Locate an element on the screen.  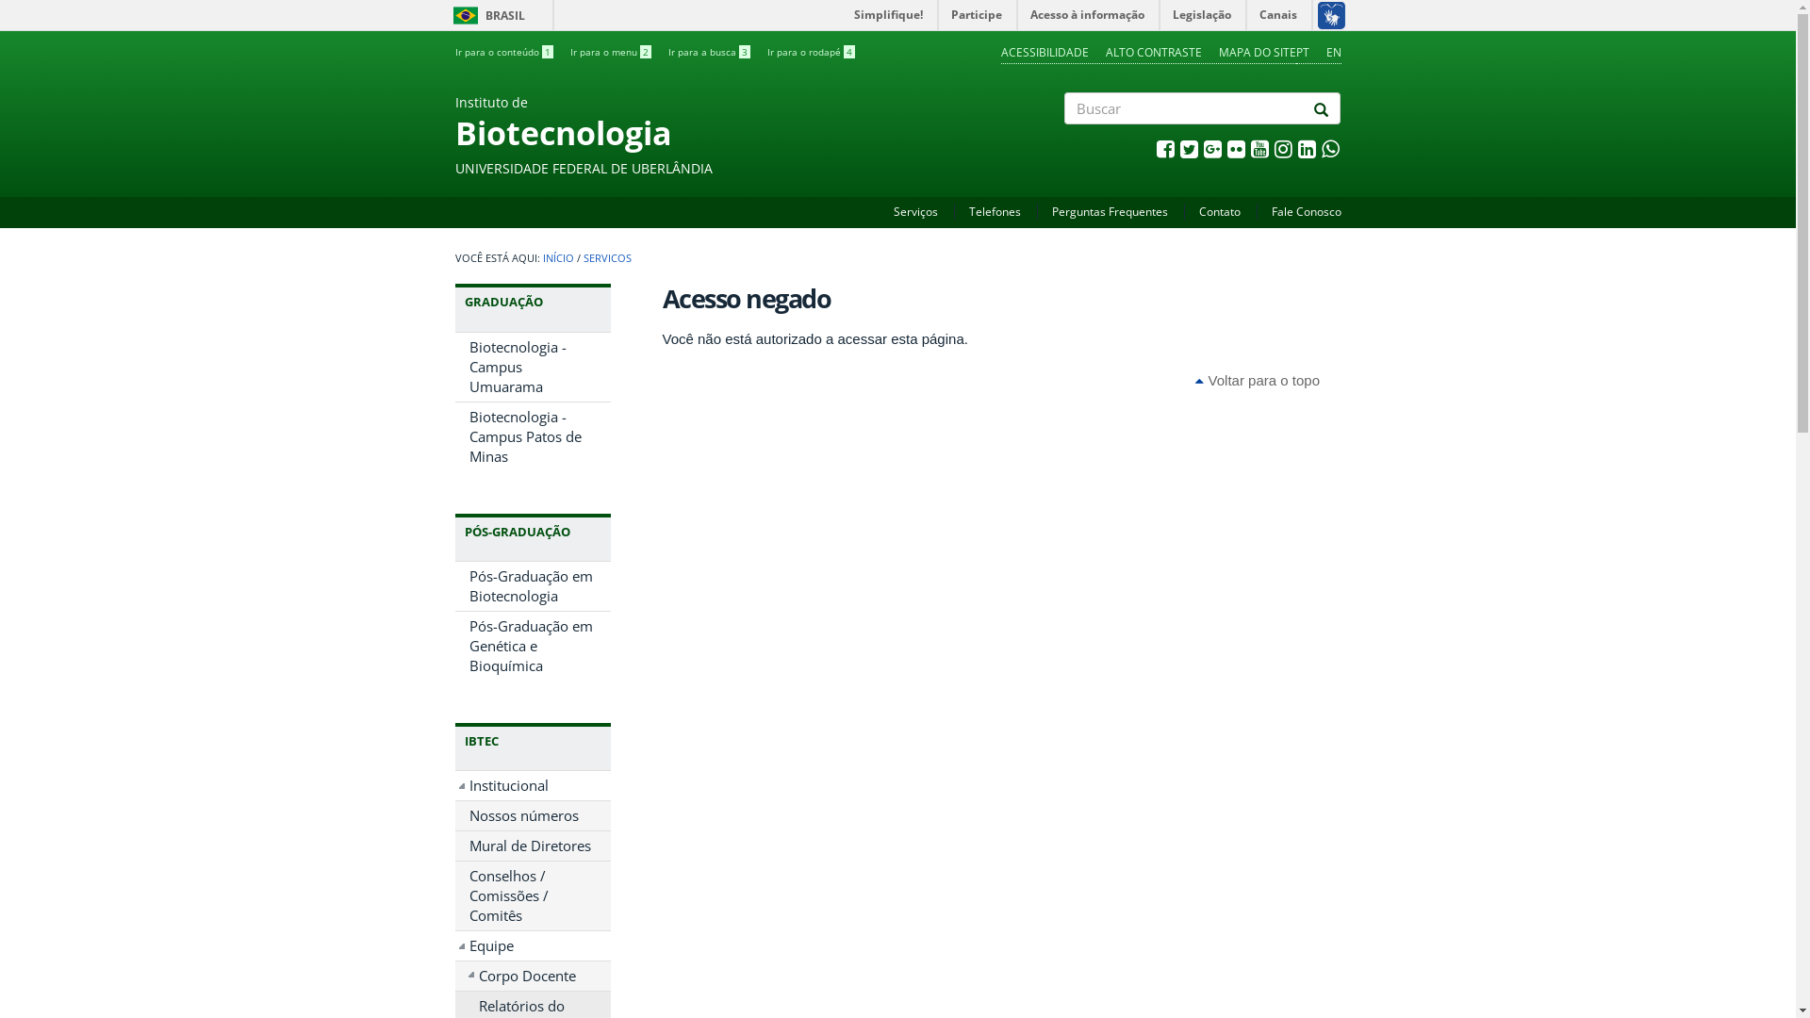
'Institucional' is located at coordinates (531, 785).